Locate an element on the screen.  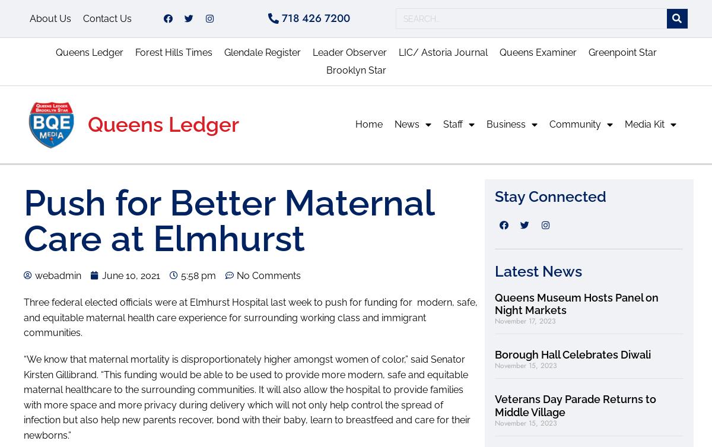
'News' is located at coordinates (407, 123).